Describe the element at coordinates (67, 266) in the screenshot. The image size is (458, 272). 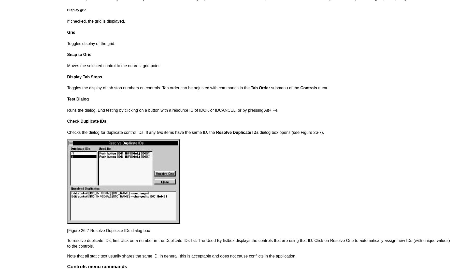
I see `'Controls menu commands'` at that location.